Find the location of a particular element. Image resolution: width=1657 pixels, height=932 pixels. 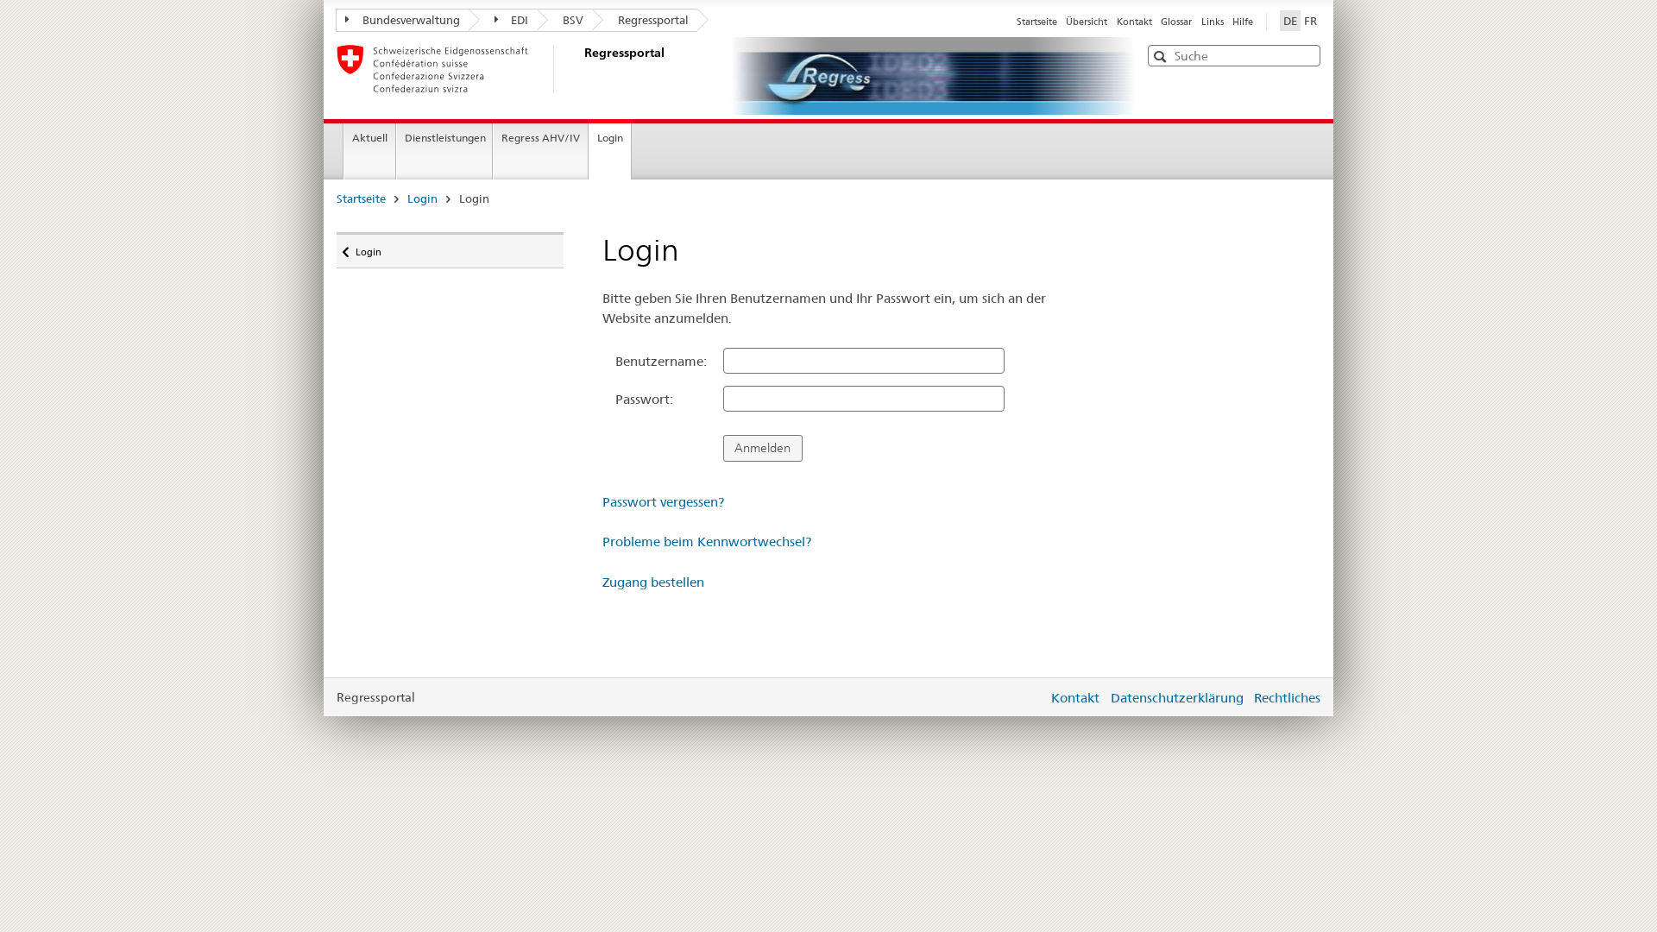

'Dienstleistungen' is located at coordinates (444, 150).